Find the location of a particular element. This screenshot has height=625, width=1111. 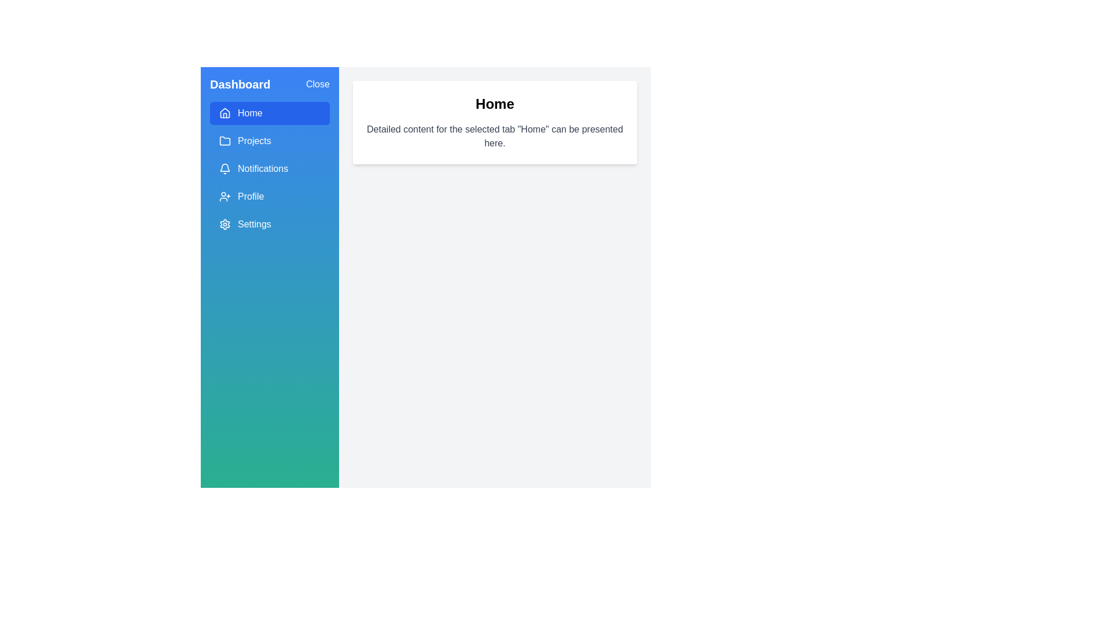

the menu item Profile to display its content is located at coordinates (269, 196).